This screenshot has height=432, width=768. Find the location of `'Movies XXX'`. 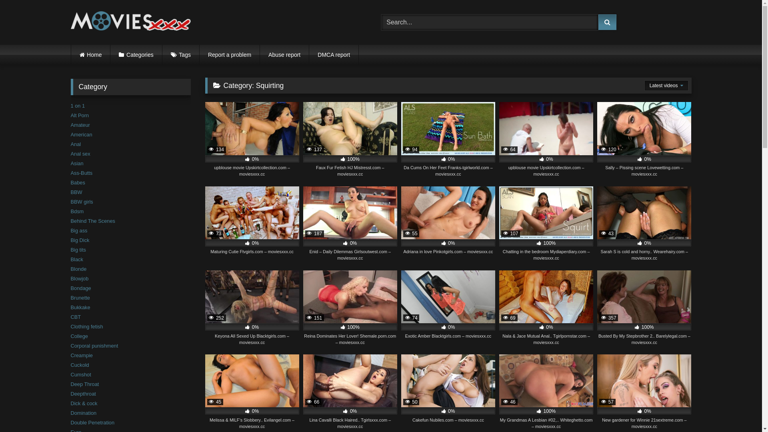

'Movies XXX' is located at coordinates (130, 22).